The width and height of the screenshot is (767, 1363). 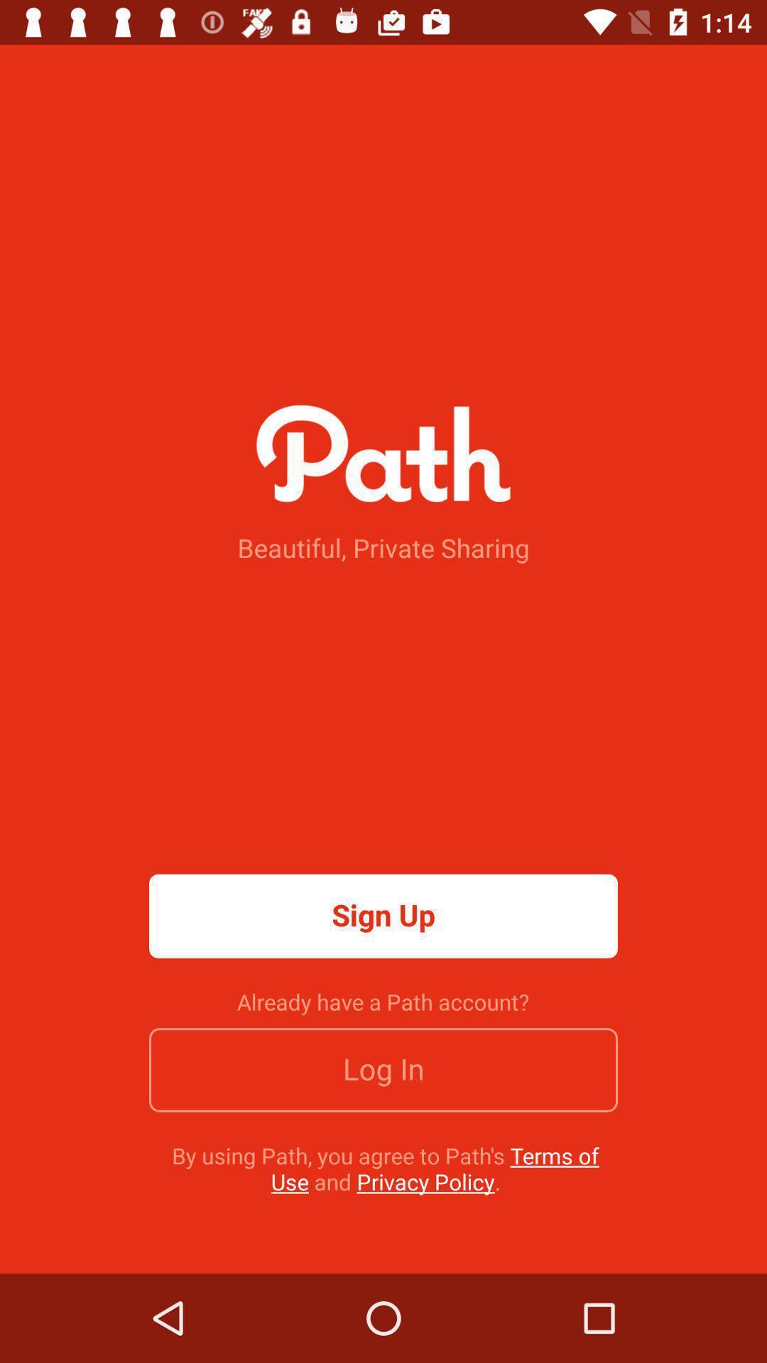 I want to click on the app below beautiful, private sharing icon, so click(x=383, y=916).